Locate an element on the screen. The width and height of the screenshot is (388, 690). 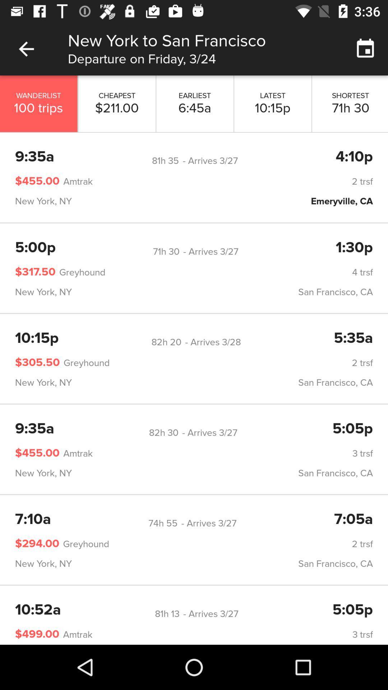
the item above the 2 trsf item is located at coordinates (354, 157).